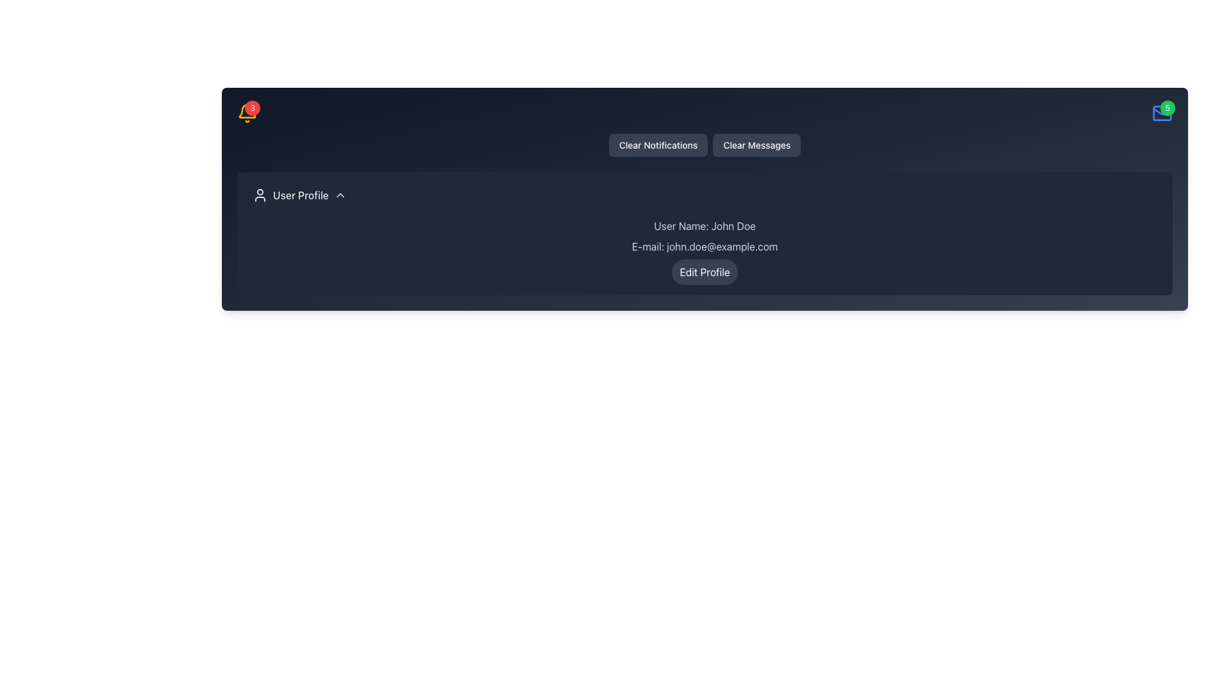 Image resolution: width=1231 pixels, height=692 pixels. I want to click on the 'Clear Messages' button located to the right of the 'Clear Notifications' button at the top of the profile page, so click(757, 145).